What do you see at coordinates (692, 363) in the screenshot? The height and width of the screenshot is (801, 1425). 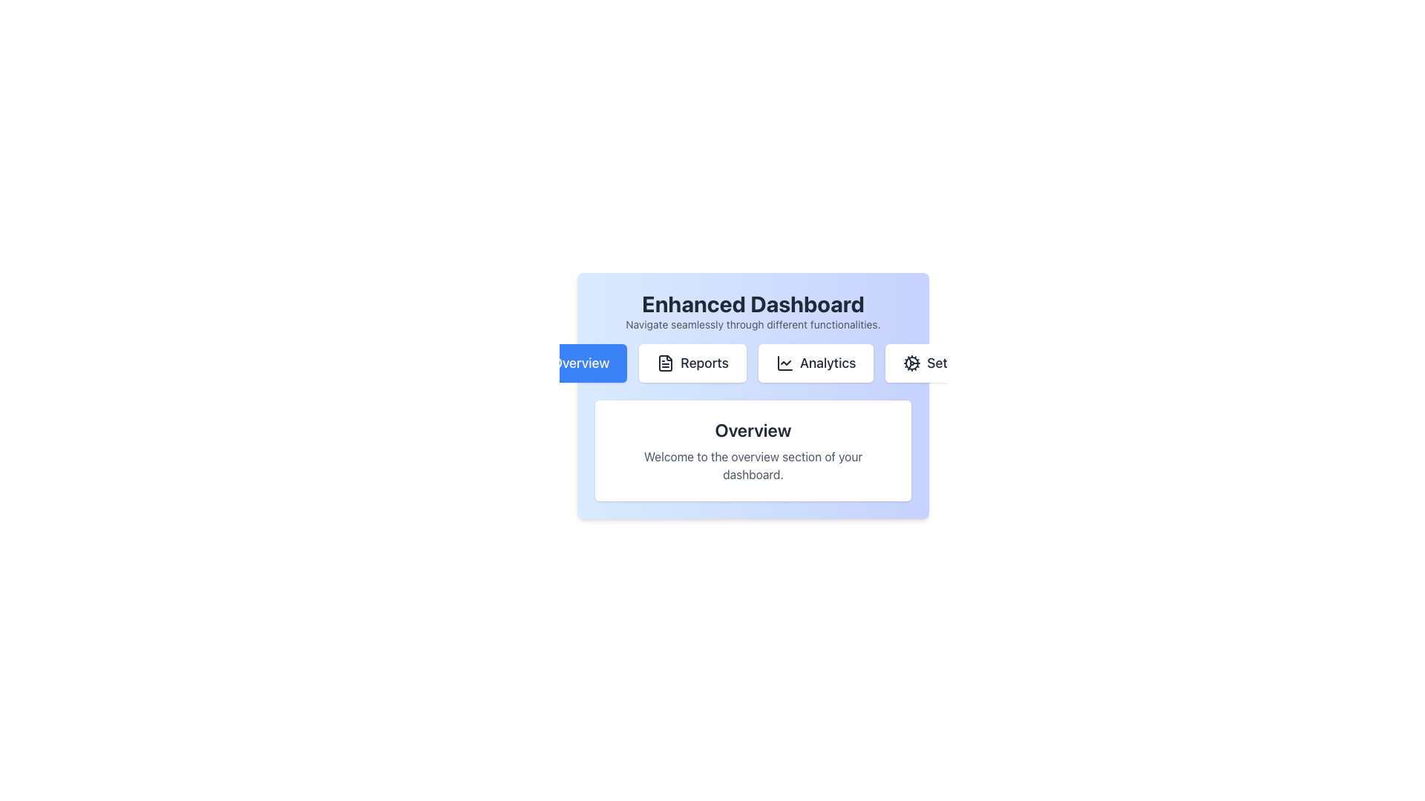 I see `the 'Reports' button in the navigation bar to trigger visual feedback, such as a scale effect, indicating it is ready for interaction` at bounding box center [692, 363].